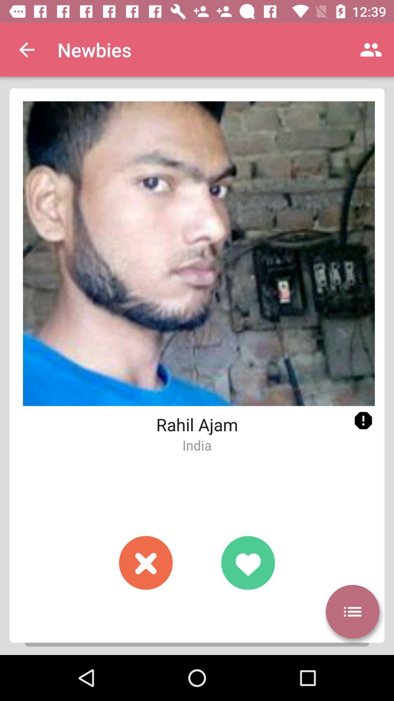 The width and height of the screenshot is (394, 701). What do you see at coordinates (247, 562) in the screenshot?
I see `the favorite icon` at bounding box center [247, 562].